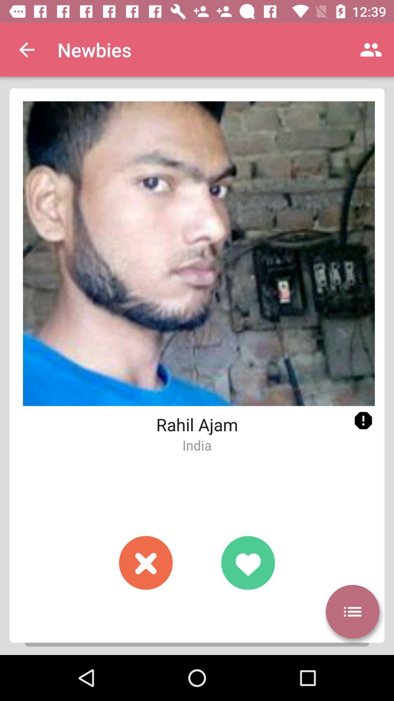 The width and height of the screenshot is (394, 701). What do you see at coordinates (247, 562) in the screenshot?
I see `the favorite icon` at bounding box center [247, 562].